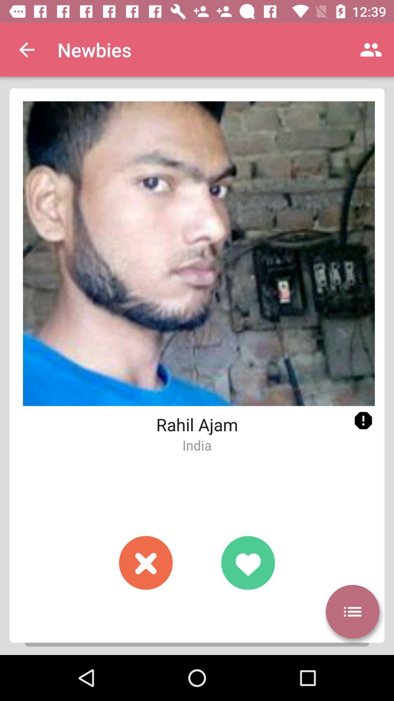 The width and height of the screenshot is (394, 701). What do you see at coordinates (247, 562) in the screenshot?
I see `the favorite icon` at bounding box center [247, 562].